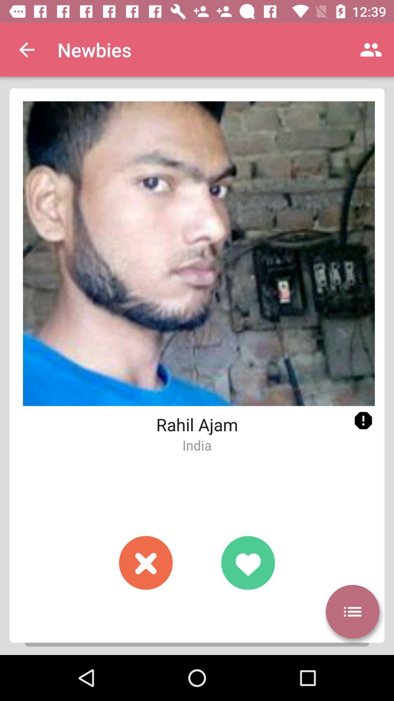 The width and height of the screenshot is (394, 701). What do you see at coordinates (247, 562) in the screenshot?
I see `the favorite icon` at bounding box center [247, 562].